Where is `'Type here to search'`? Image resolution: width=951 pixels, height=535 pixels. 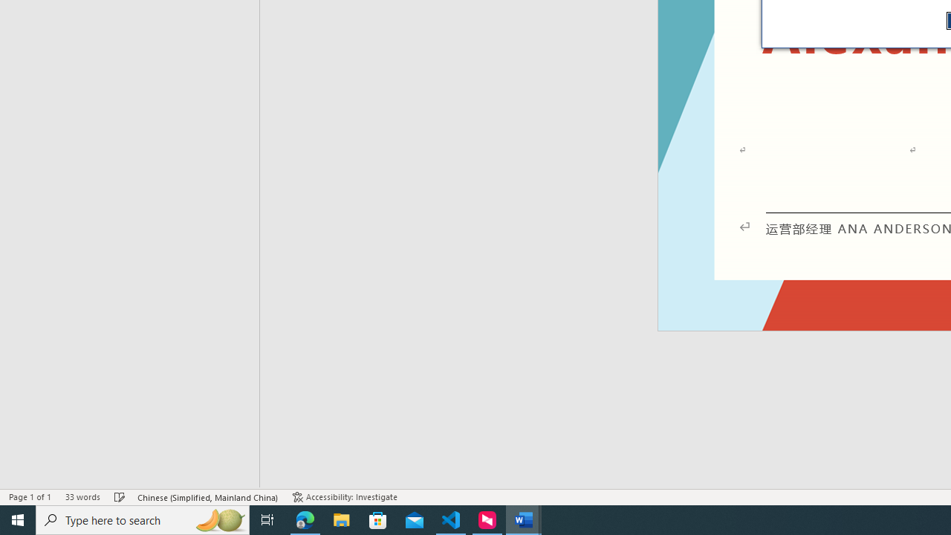 'Type here to search' is located at coordinates (143, 519).